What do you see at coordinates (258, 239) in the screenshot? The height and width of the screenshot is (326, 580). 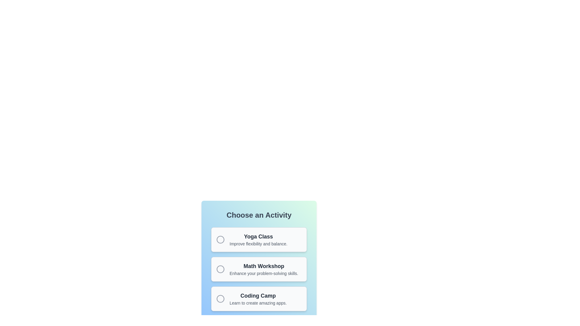 I see `the descriptive text element titled 'Yoga Class' which includes the subtitle 'Improve flexibility and balance.'` at bounding box center [258, 239].